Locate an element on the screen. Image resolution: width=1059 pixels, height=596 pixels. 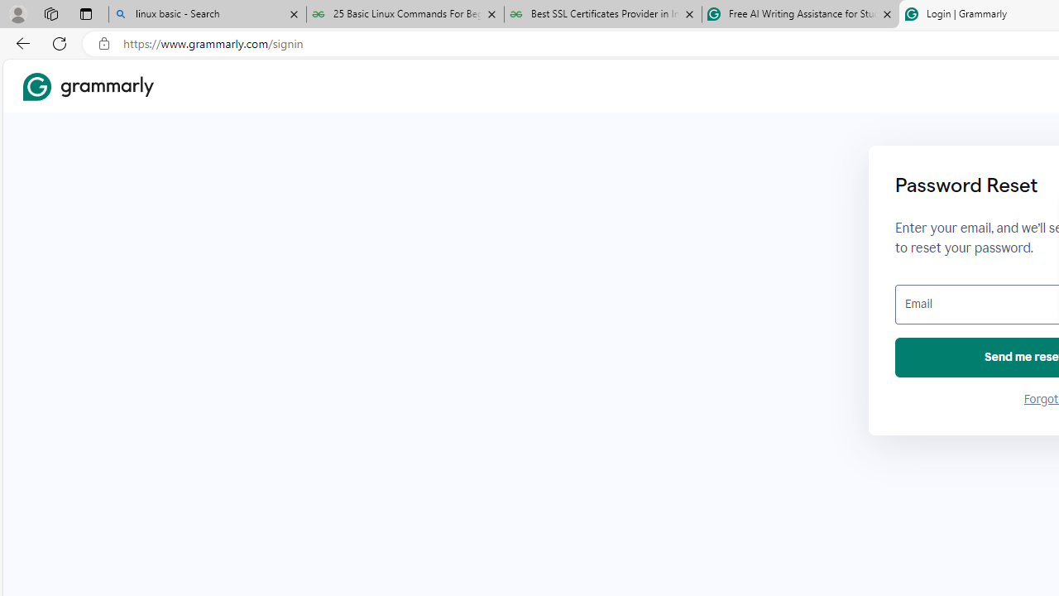
'25 Basic Linux Commands For Beginners - GeeksforGeeks' is located at coordinates (405, 14).